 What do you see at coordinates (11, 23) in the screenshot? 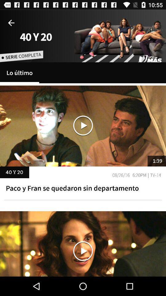
I see `previous` at bounding box center [11, 23].